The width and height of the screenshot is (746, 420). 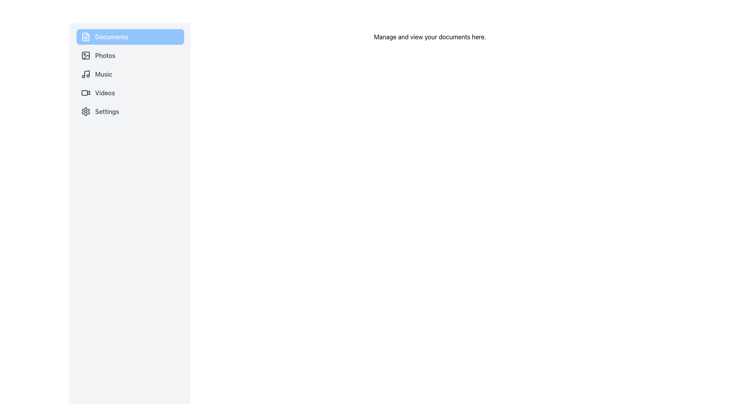 What do you see at coordinates (105, 93) in the screenshot?
I see `the 'Videos' navigation label located in the sidebar menu, which indicates the section for video content` at bounding box center [105, 93].